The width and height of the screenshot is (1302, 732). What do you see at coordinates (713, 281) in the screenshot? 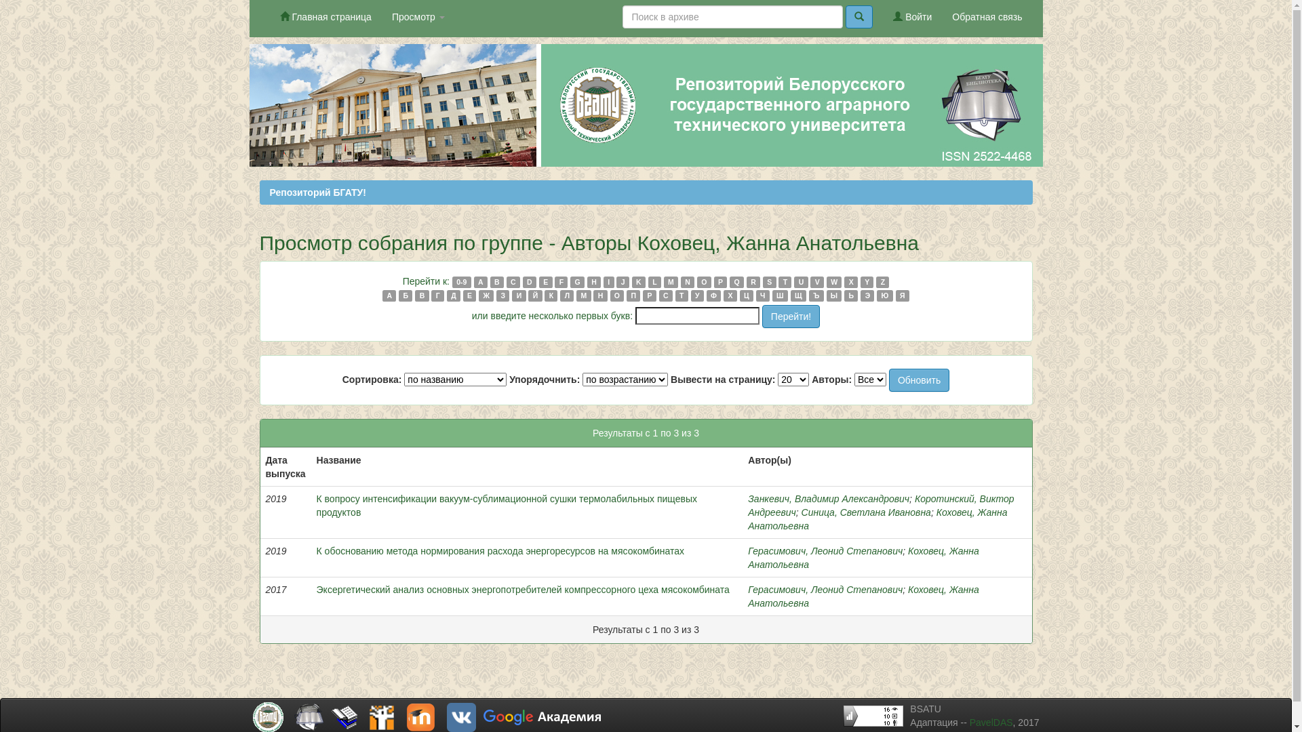
I see `'P'` at bounding box center [713, 281].